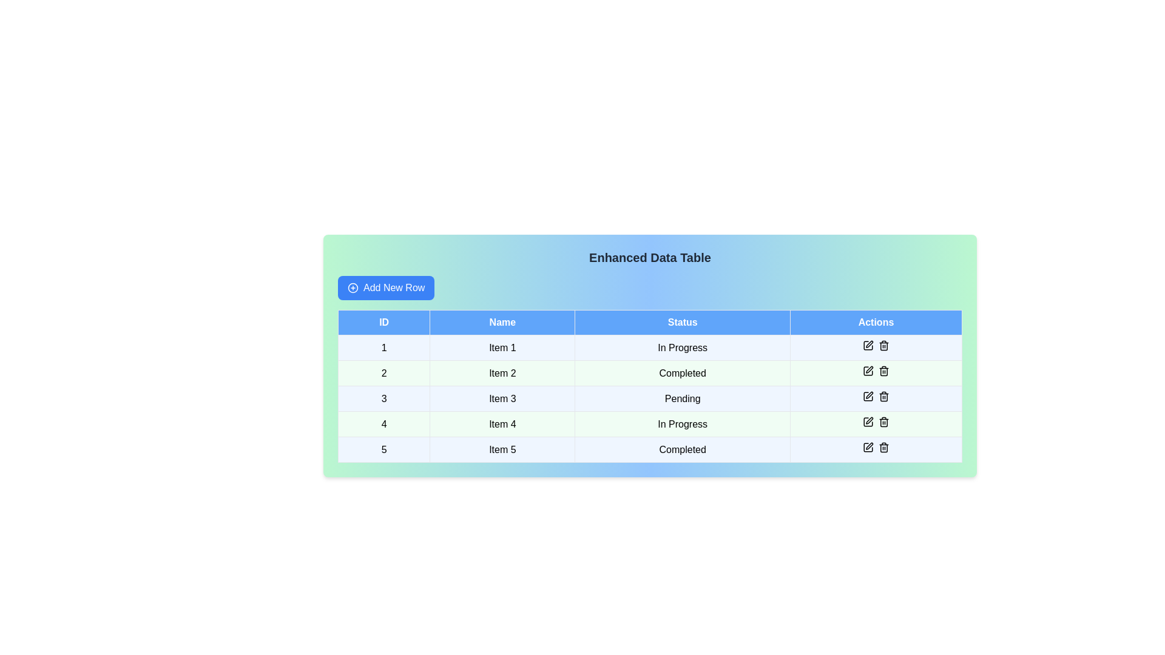 This screenshot has width=1165, height=655. I want to click on the Delete icon button, which is a vertical rectangle symbolizing a trash bin, located in the 'Actions' column of the fourth row of the table, so click(883, 422).